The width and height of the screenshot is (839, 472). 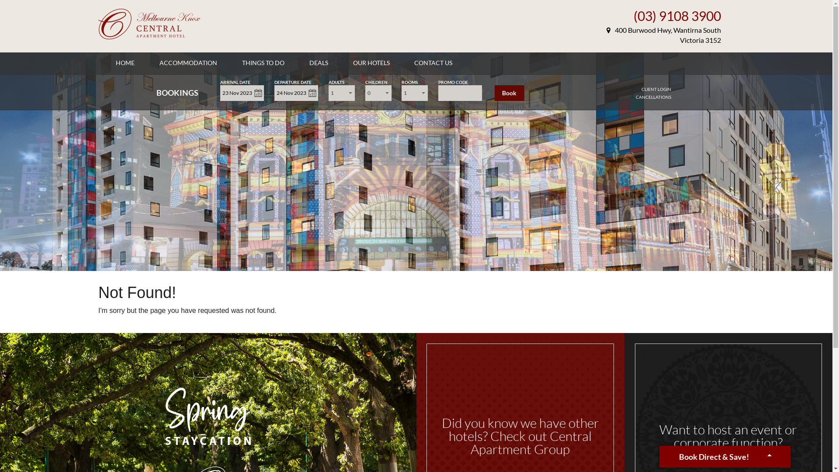 What do you see at coordinates (663, 35) in the screenshot?
I see `'400 Burwood Hwy, Wantirna South` at bounding box center [663, 35].